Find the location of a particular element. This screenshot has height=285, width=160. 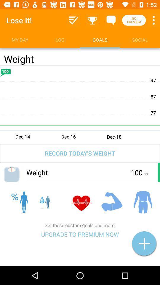

the item next to lose it! is located at coordinates (73, 20).